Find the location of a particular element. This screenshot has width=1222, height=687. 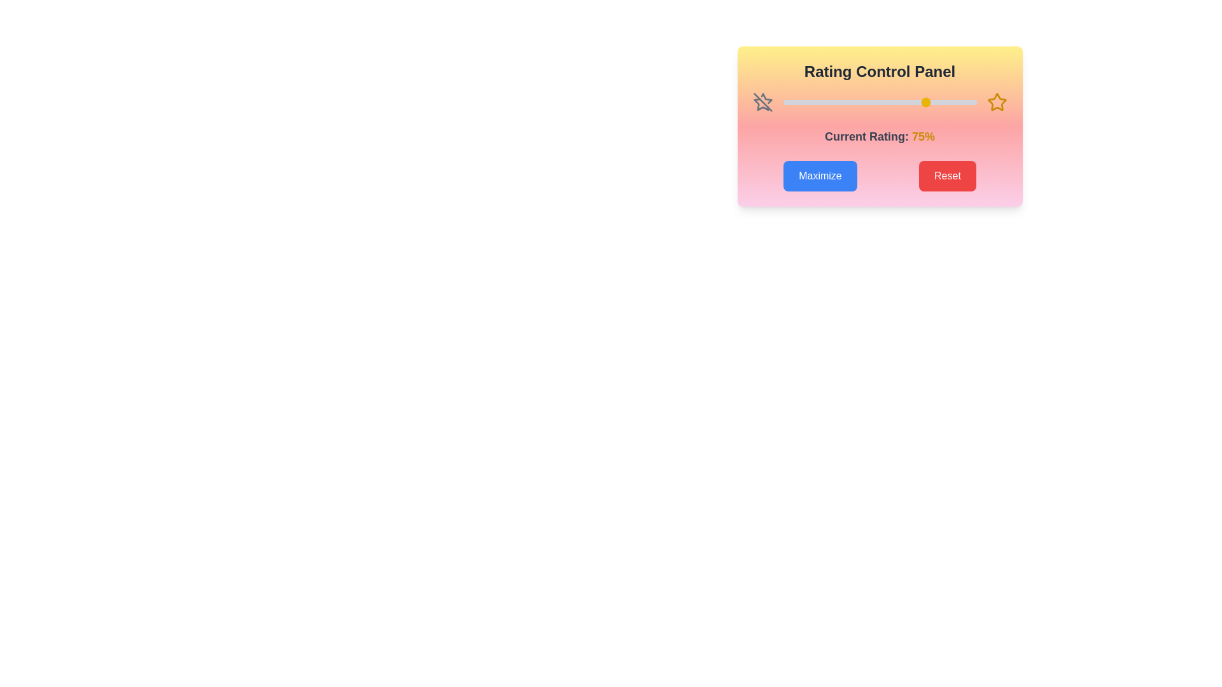

the rating slider to 79% is located at coordinates (936, 102).